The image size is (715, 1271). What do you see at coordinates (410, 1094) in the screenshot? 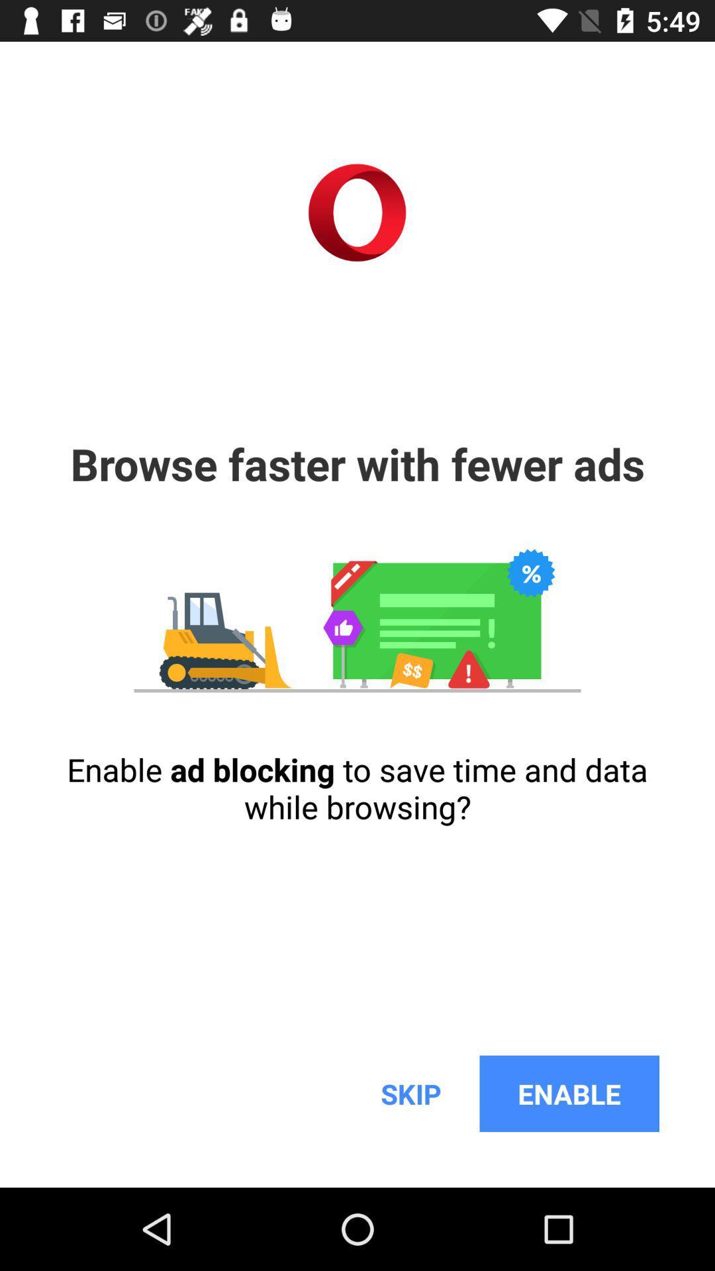
I see `item next to the enable icon` at bounding box center [410, 1094].